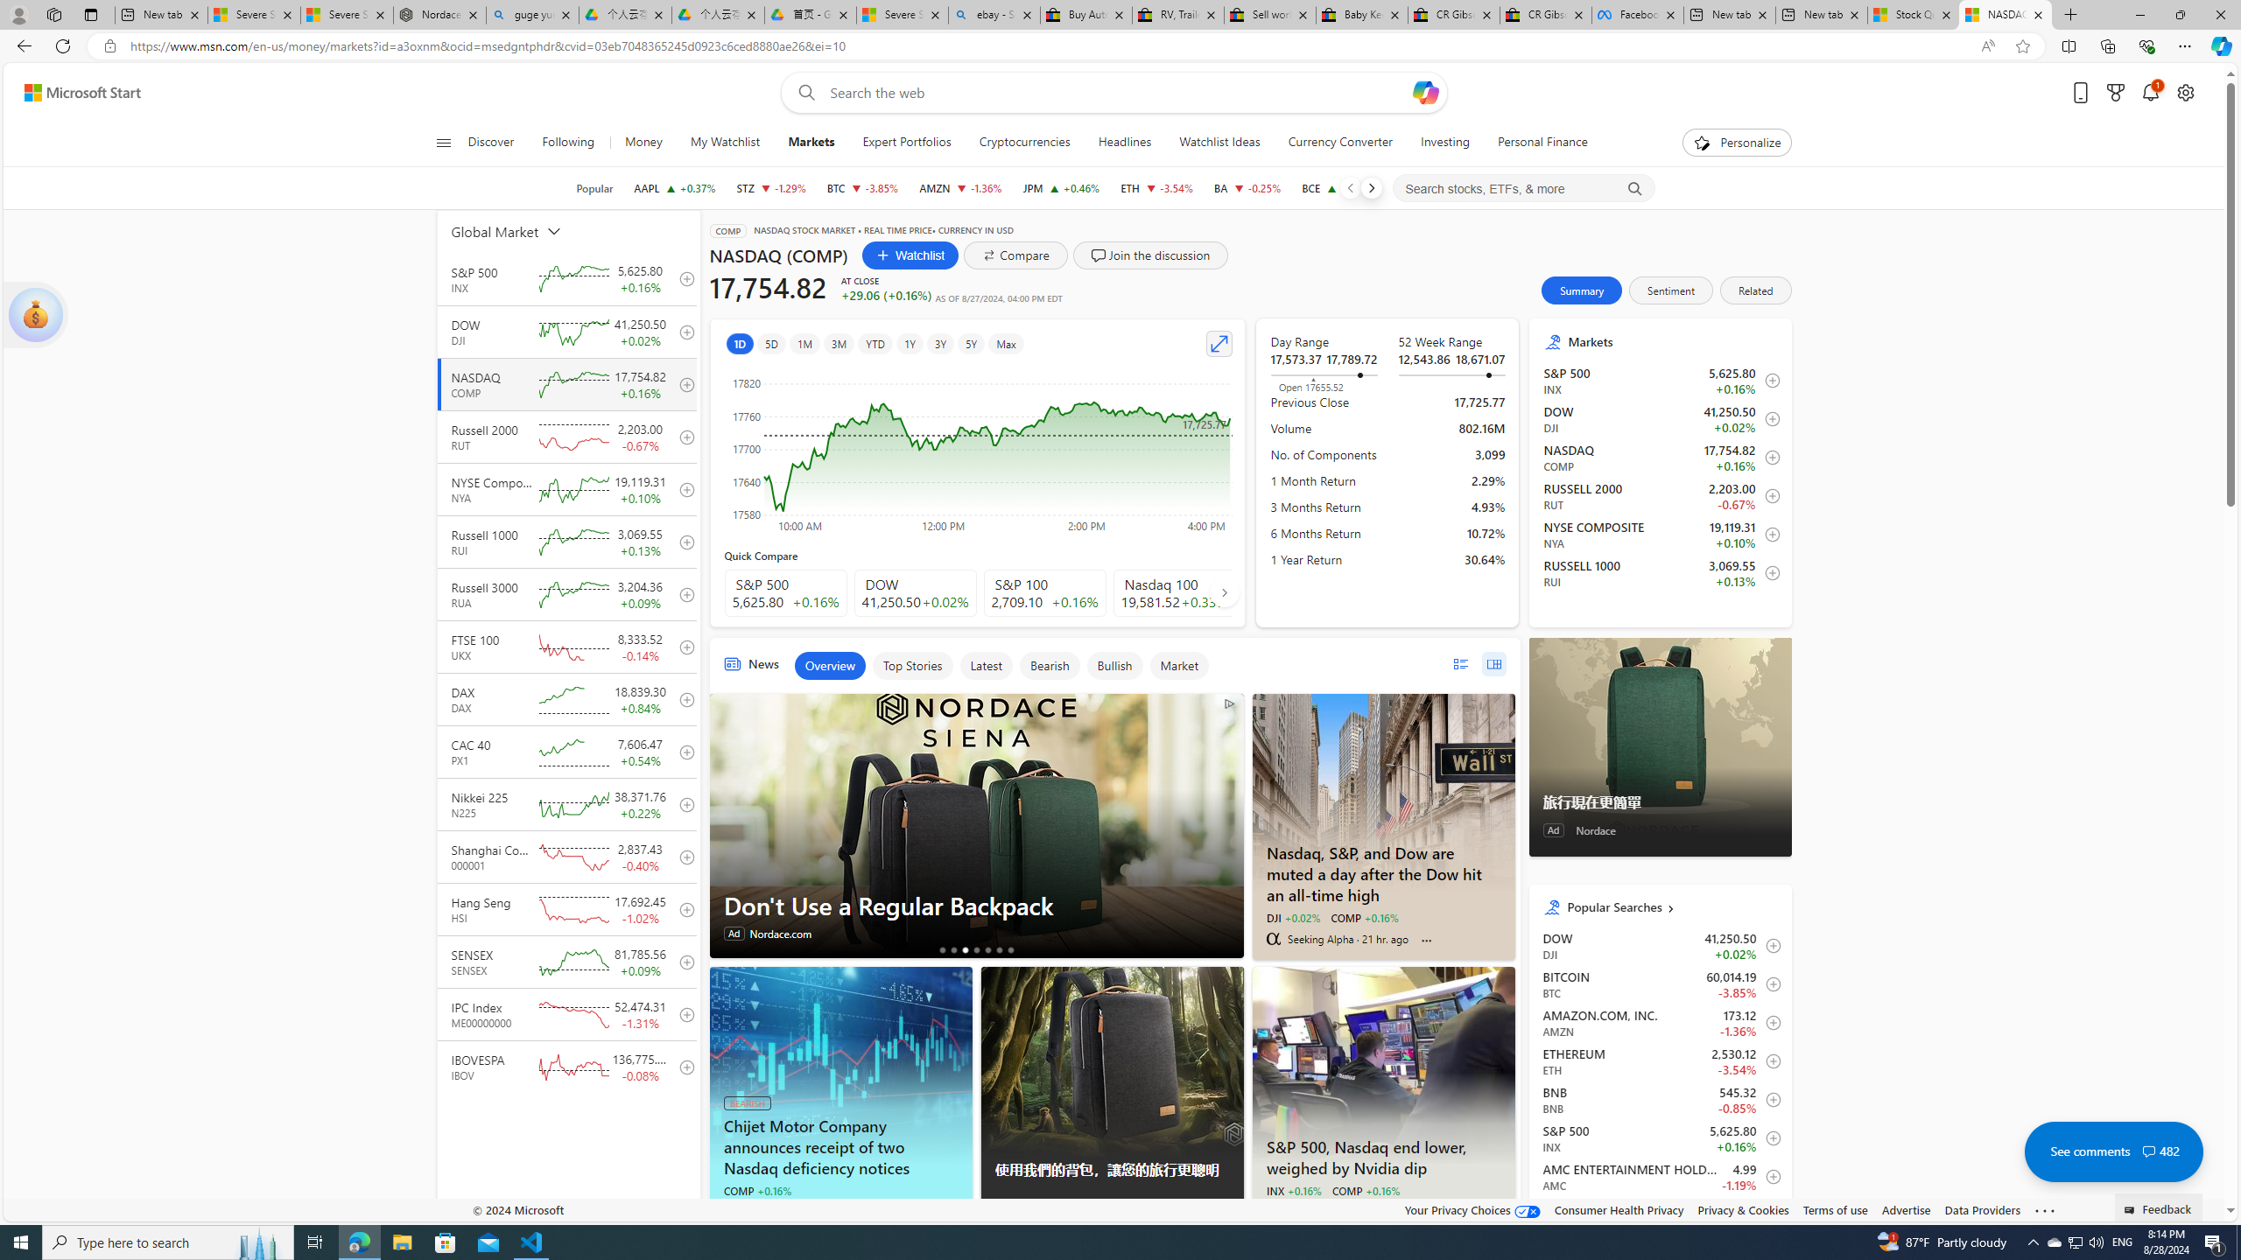 The image size is (2241, 1260). What do you see at coordinates (977, 449) in the screenshot?
I see `'Class: recharts-surface'` at bounding box center [977, 449].